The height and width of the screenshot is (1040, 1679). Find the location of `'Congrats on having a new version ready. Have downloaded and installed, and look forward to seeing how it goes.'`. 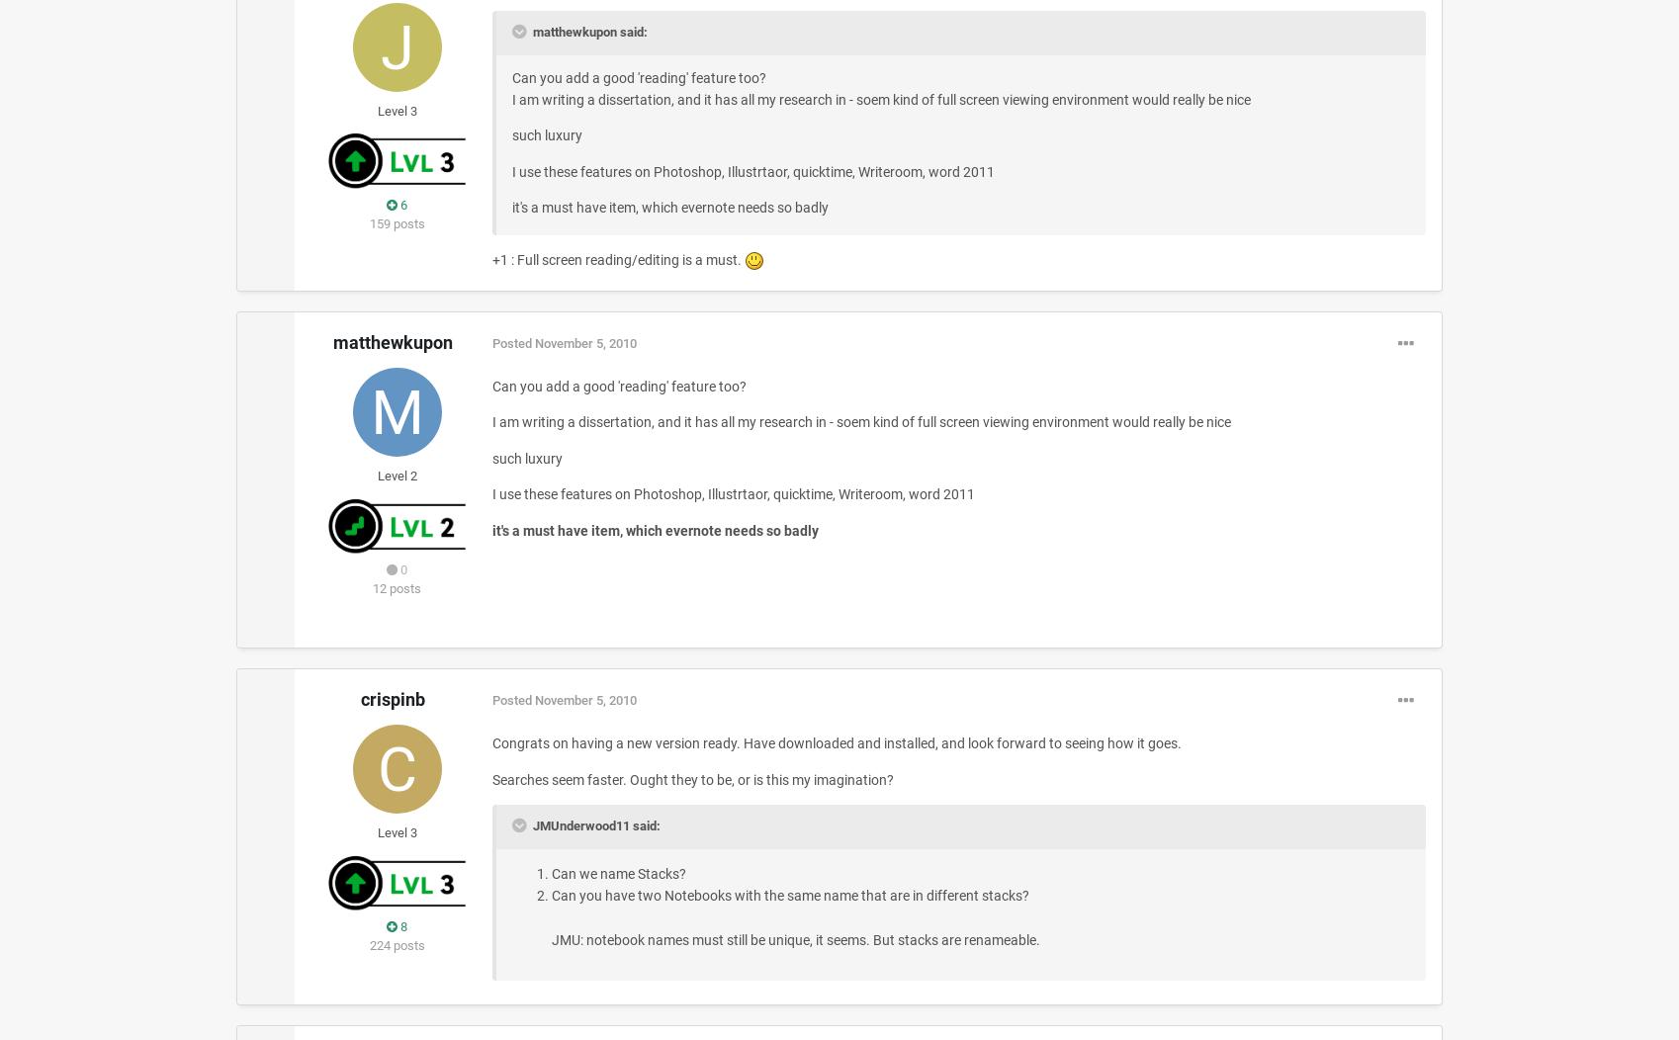

'Congrats on having a new version ready. Have downloaded and installed, and look forward to seeing how it goes.' is located at coordinates (835, 741).